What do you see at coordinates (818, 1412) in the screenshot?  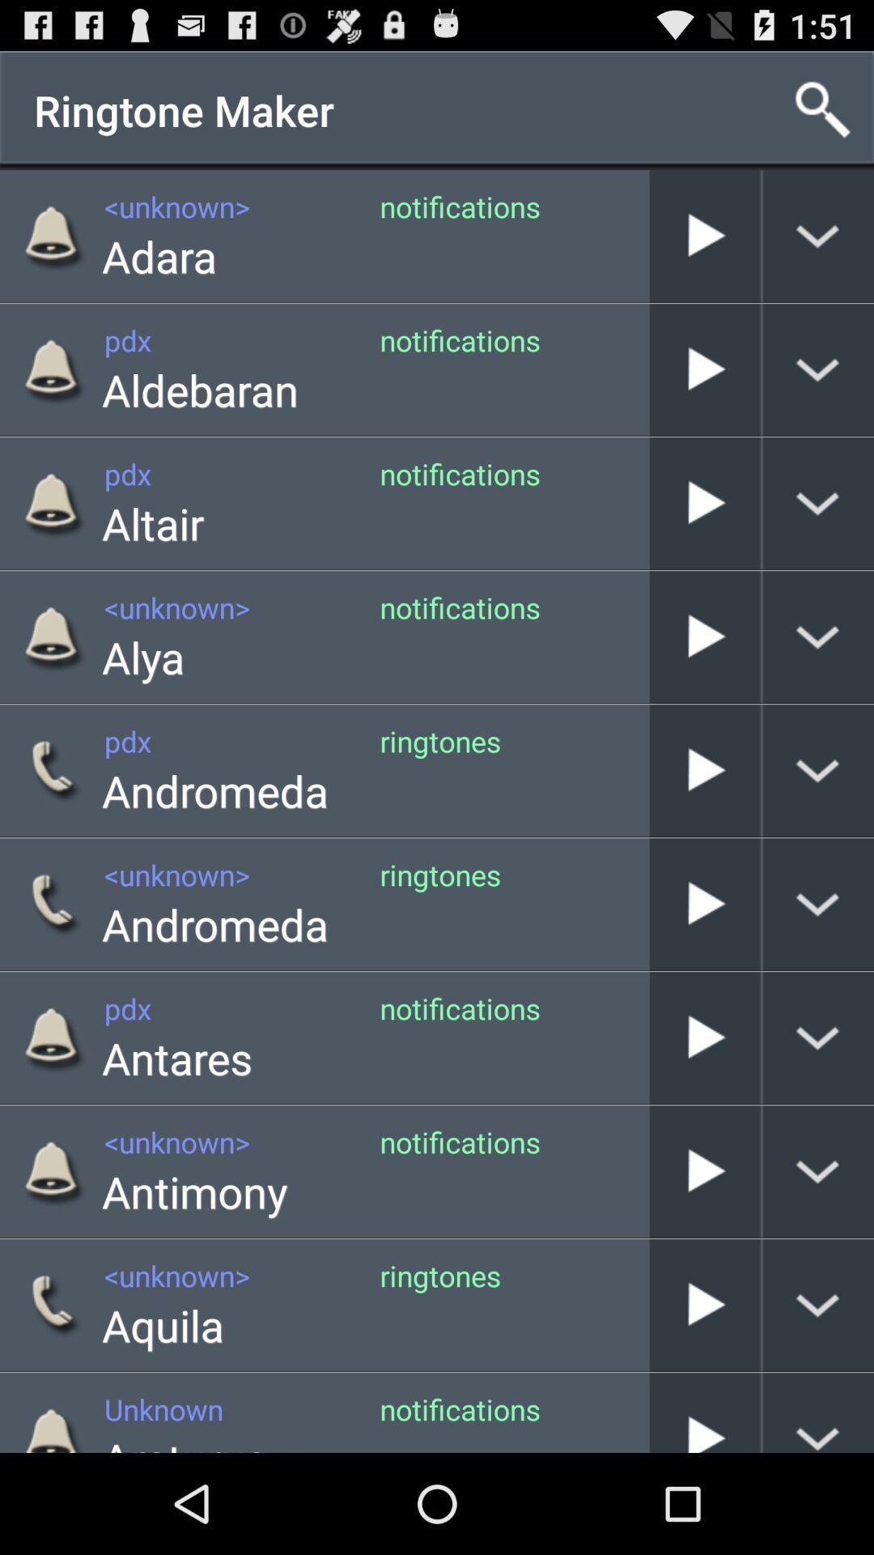 I see `show options` at bounding box center [818, 1412].